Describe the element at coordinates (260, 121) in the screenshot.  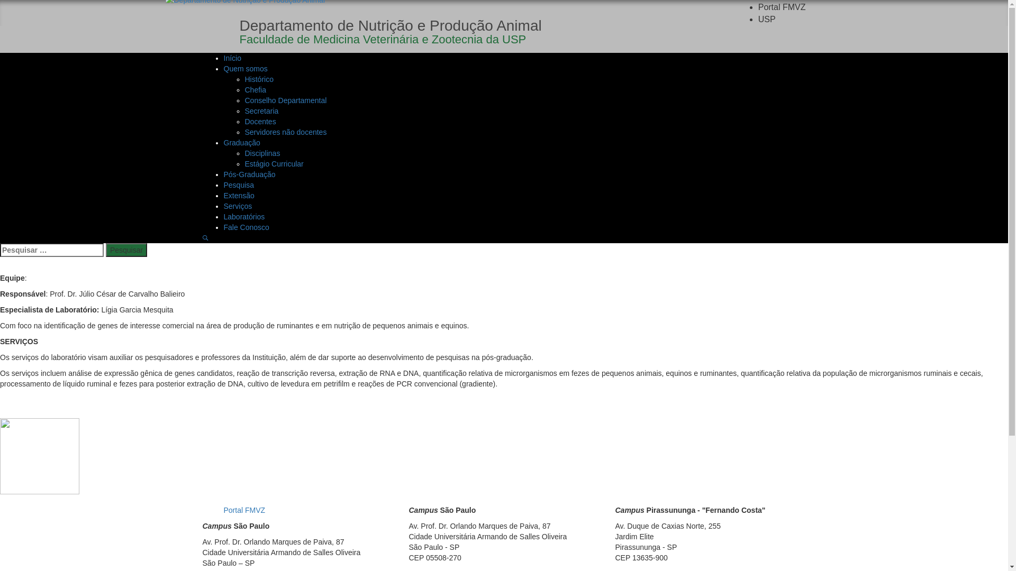
I see `'Docentes'` at that location.